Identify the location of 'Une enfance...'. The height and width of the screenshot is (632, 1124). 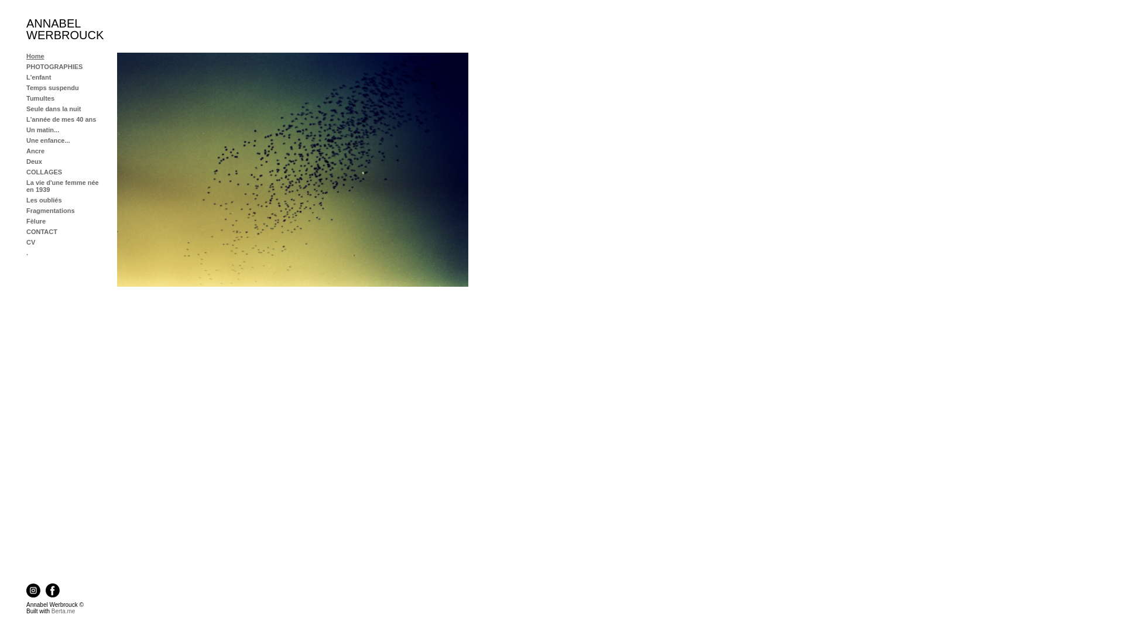
(47, 139).